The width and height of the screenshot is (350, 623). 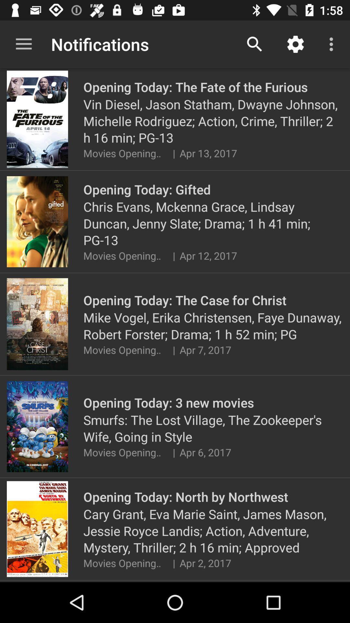 I want to click on app to the left of notifications icon, so click(x=23, y=44).